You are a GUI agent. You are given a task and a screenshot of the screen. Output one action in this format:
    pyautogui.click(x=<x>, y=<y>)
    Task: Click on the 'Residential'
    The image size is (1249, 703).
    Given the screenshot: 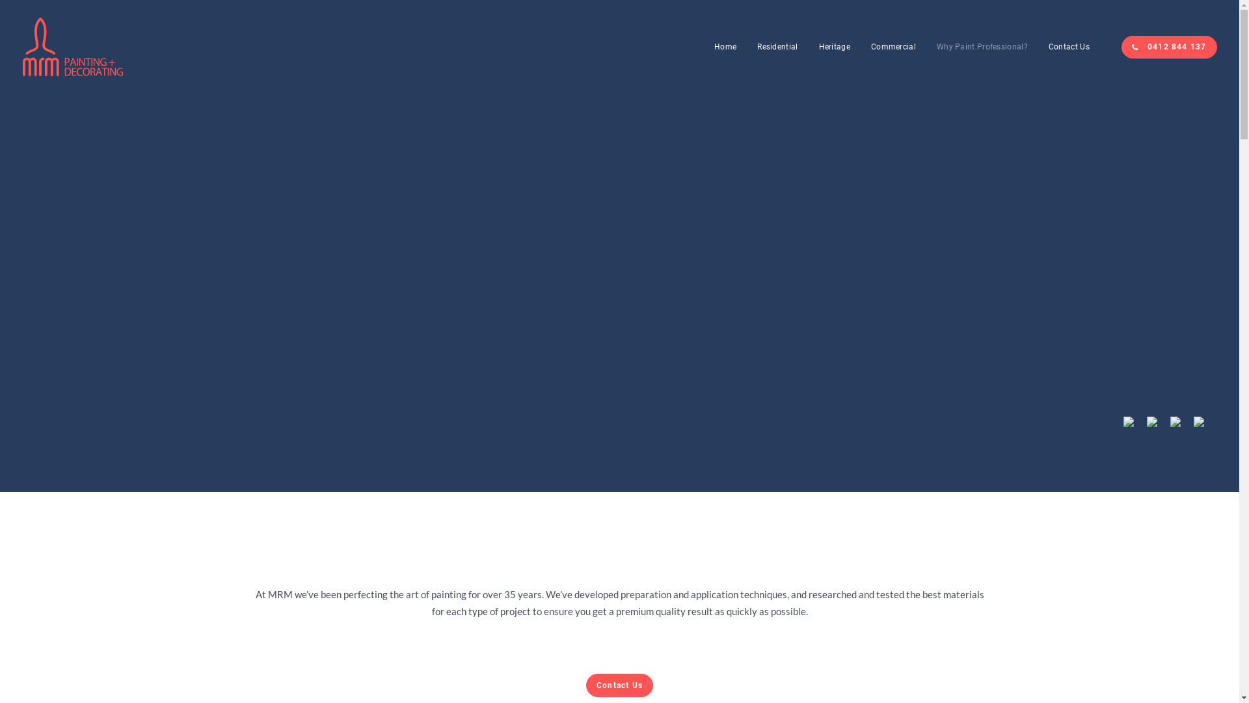 What is the action you would take?
    pyautogui.click(x=748, y=46)
    